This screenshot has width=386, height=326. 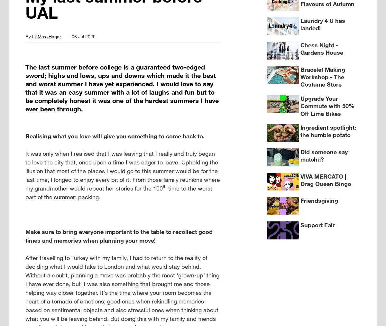 I want to click on 'what you love will give you something to come back to.', so click(x=128, y=135).